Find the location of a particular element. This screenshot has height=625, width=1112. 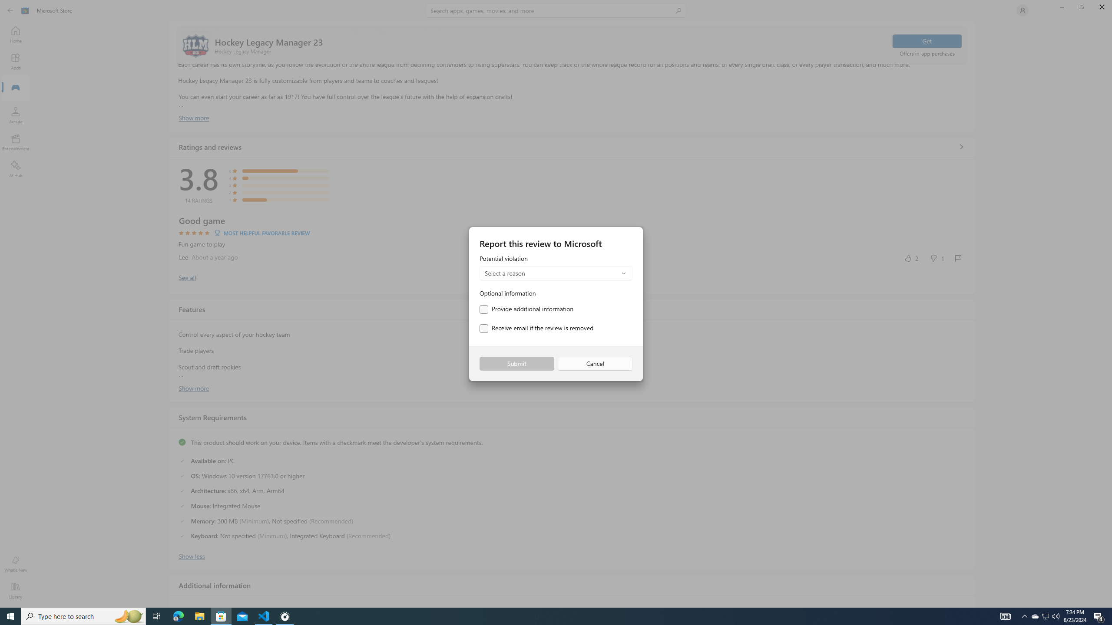

'Show more' is located at coordinates (193, 387).